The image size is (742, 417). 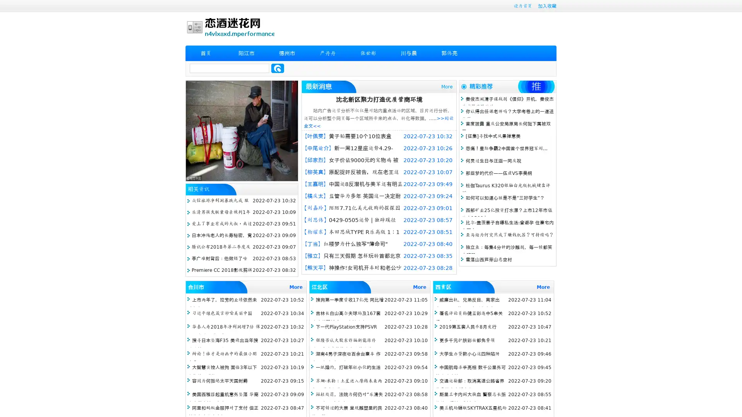 I want to click on Search, so click(x=277, y=68).